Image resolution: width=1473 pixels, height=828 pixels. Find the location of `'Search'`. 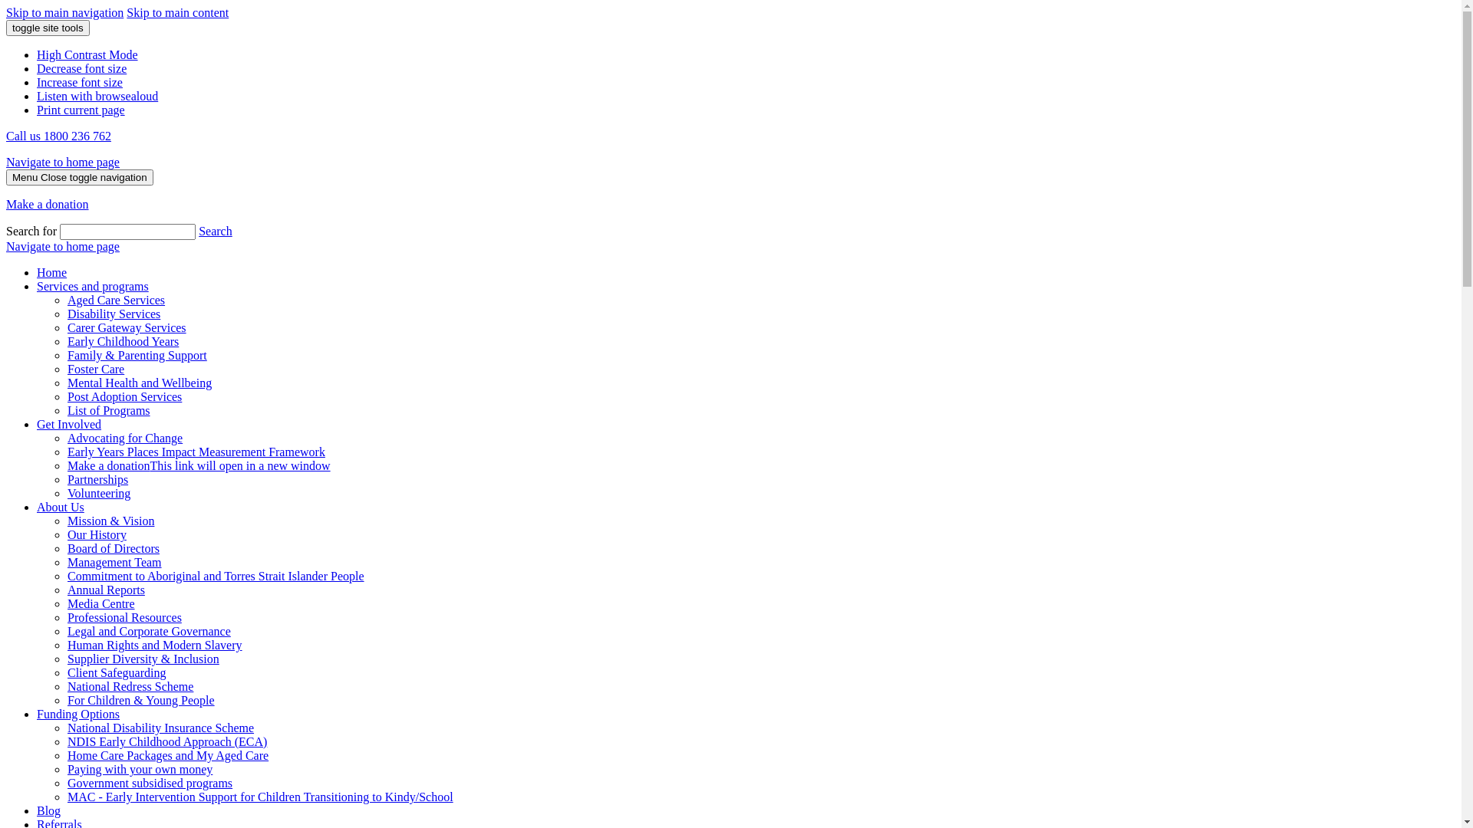

'Search' is located at coordinates (198, 231).